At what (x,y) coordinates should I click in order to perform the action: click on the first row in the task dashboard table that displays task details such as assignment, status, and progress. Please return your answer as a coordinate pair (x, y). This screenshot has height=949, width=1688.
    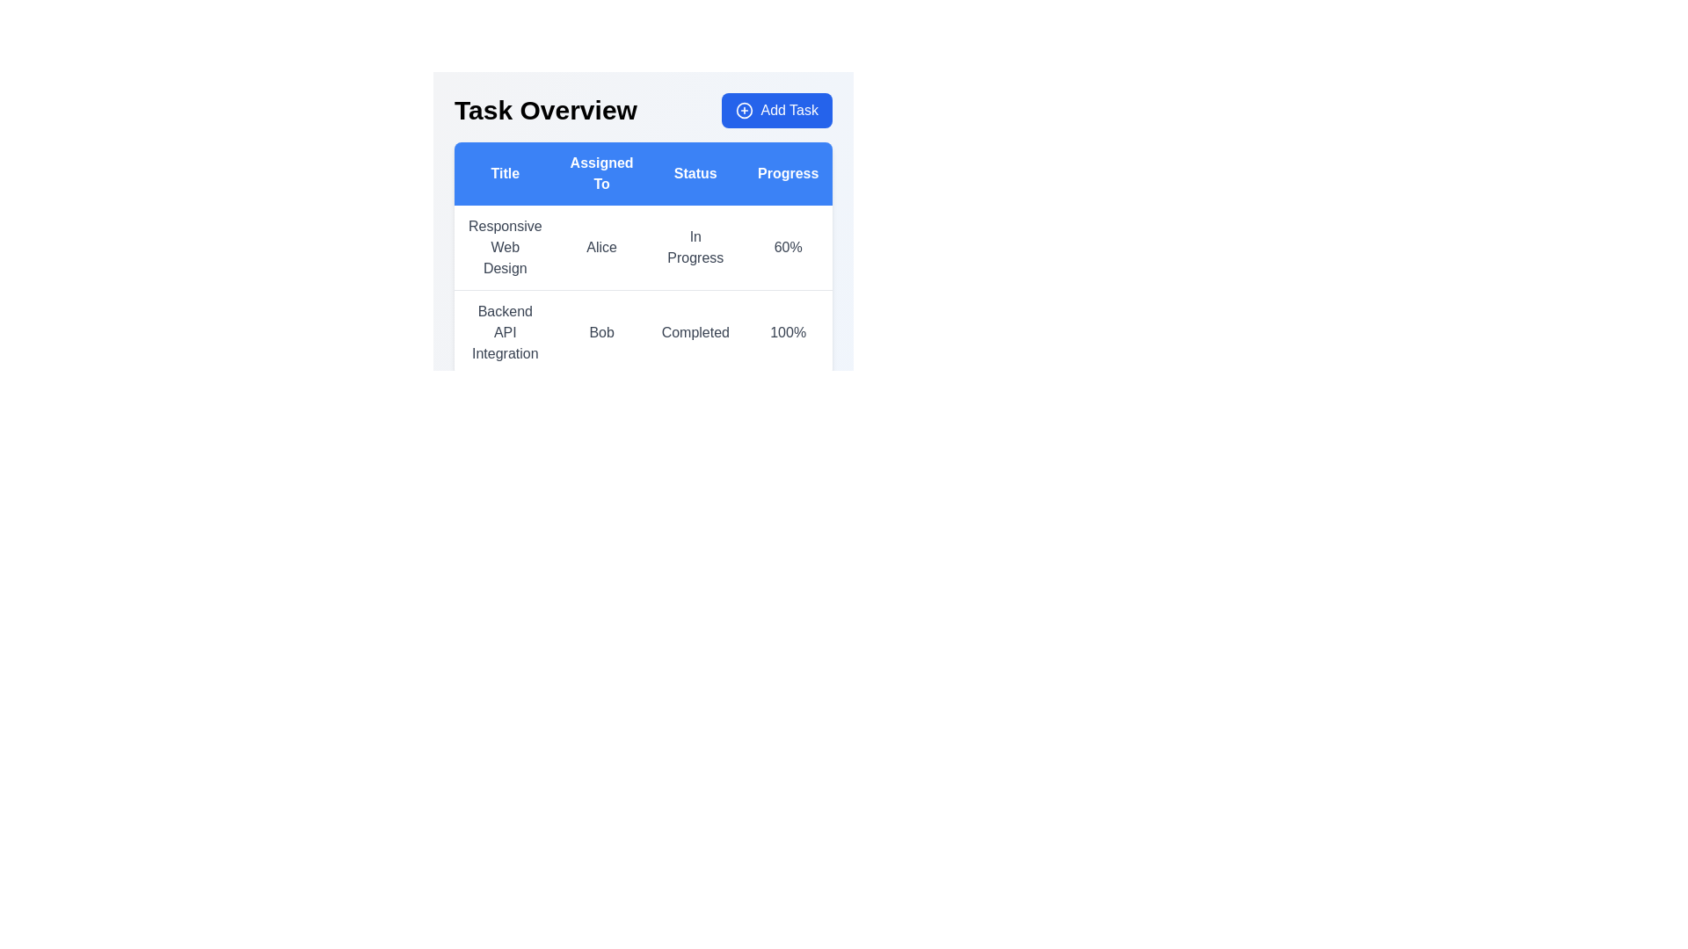
    Looking at the image, I should click on (695, 289).